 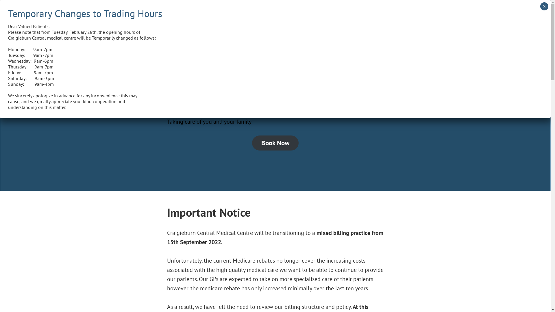 I want to click on 'Craigieburn Central Medical Centre', so click(x=205, y=38).